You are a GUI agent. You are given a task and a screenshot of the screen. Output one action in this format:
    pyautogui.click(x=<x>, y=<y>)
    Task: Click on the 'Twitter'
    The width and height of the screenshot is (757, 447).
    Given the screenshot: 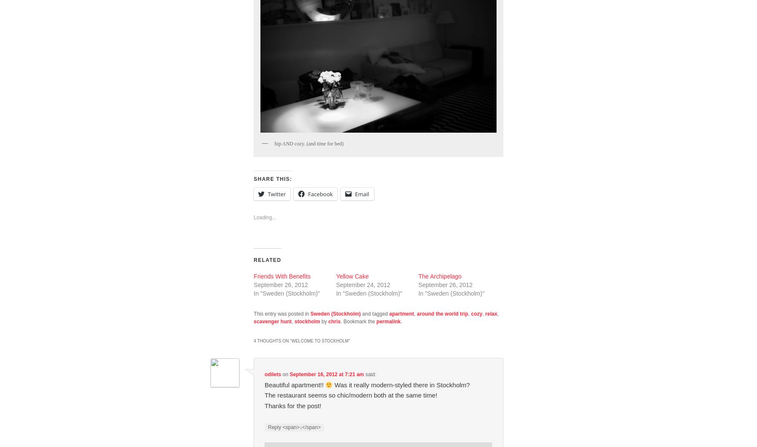 What is the action you would take?
    pyautogui.click(x=276, y=193)
    